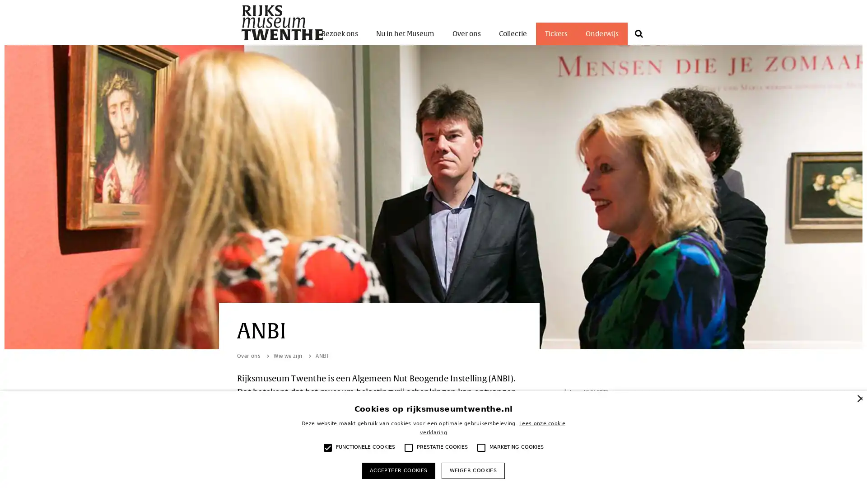  Describe the element at coordinates (398, 470) in the screenshot. I see `ACCEPTEER COOKIES` at that location.